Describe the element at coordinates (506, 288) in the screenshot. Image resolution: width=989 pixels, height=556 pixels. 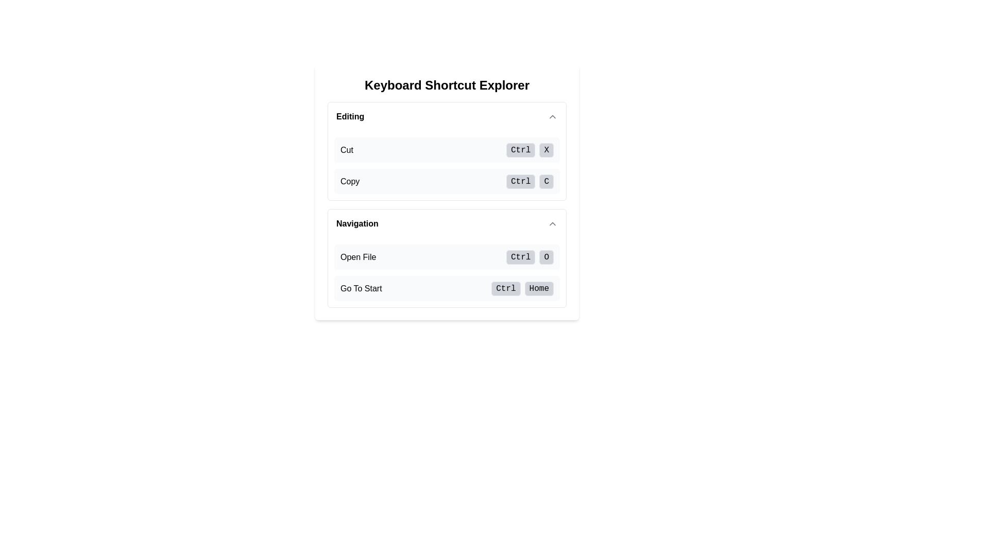
I see `the non-interactive text label displaying the keyboard shortcut modifier 'Ctrl', located to the left of the 'Home' button in the 'Navigation' section under the 'Go To Start' action` at that location.